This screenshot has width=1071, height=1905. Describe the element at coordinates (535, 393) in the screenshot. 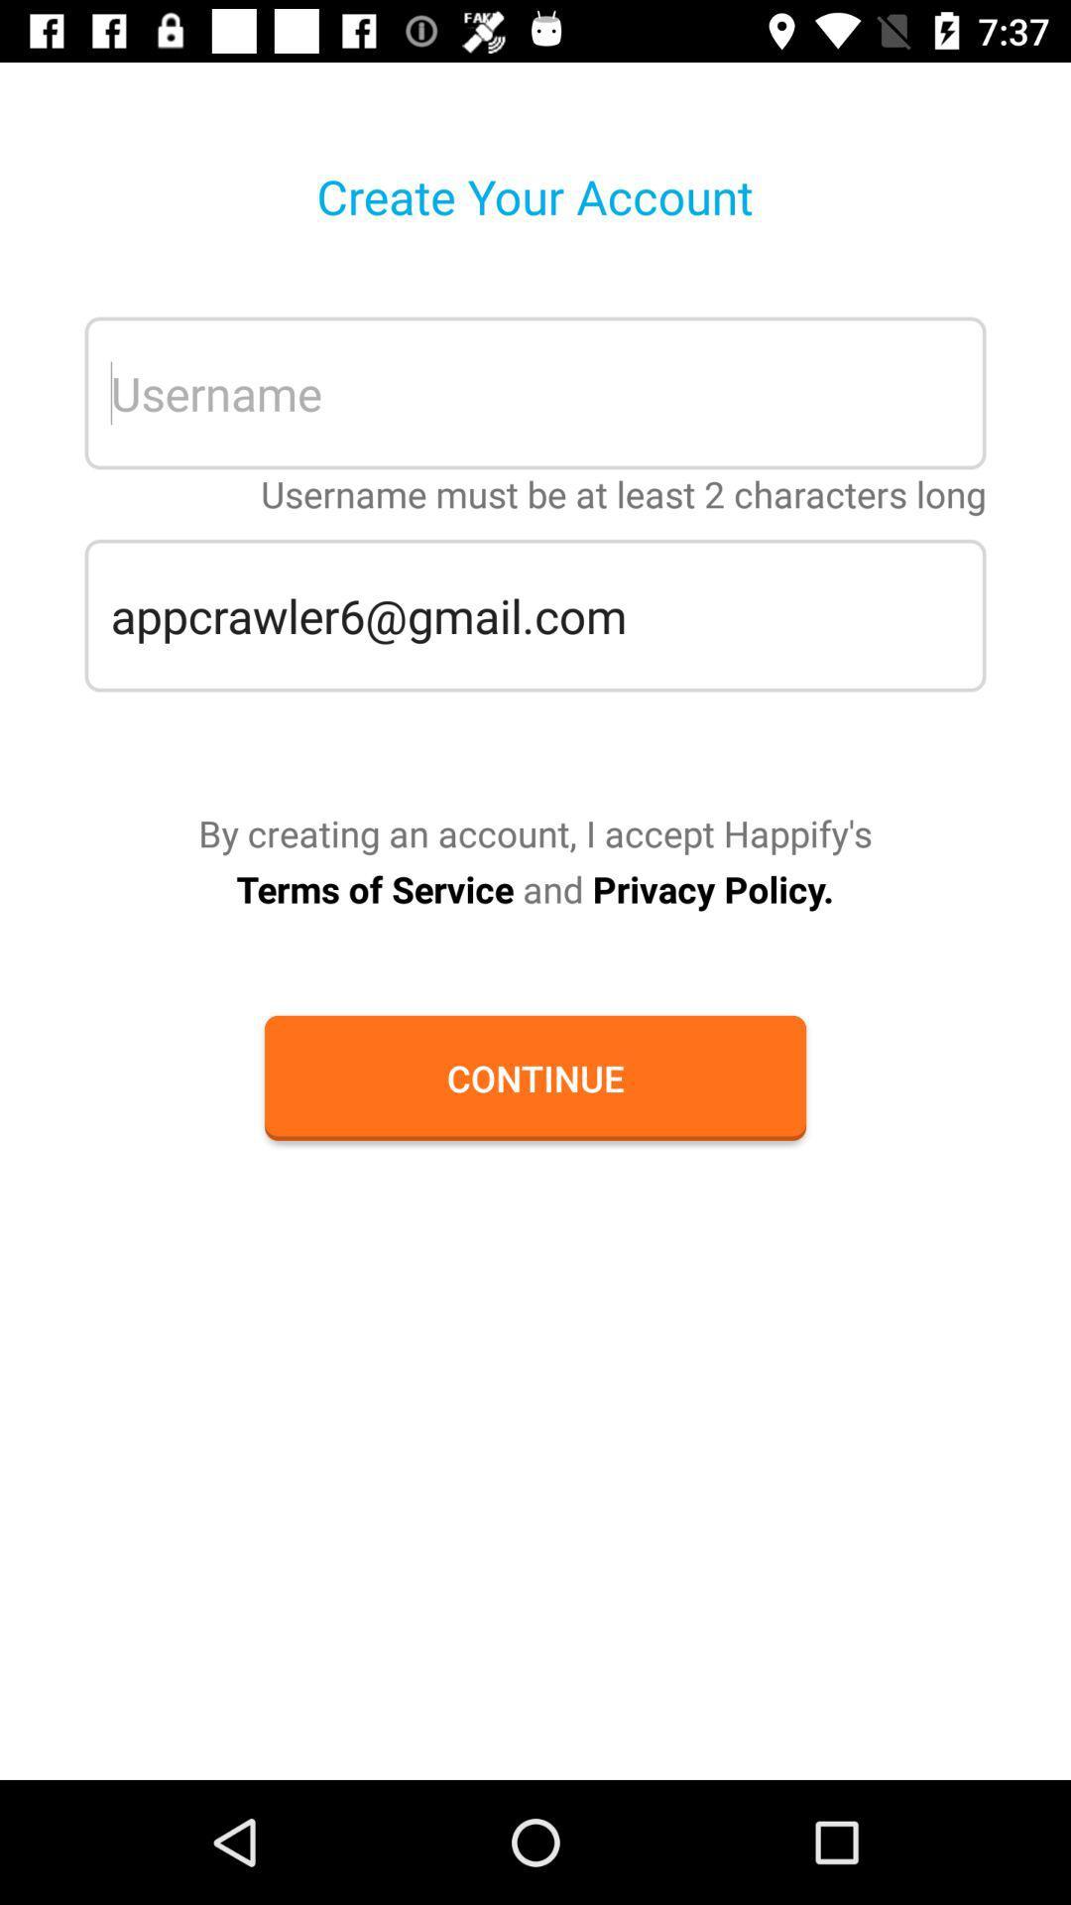

I see `username login` at that location.